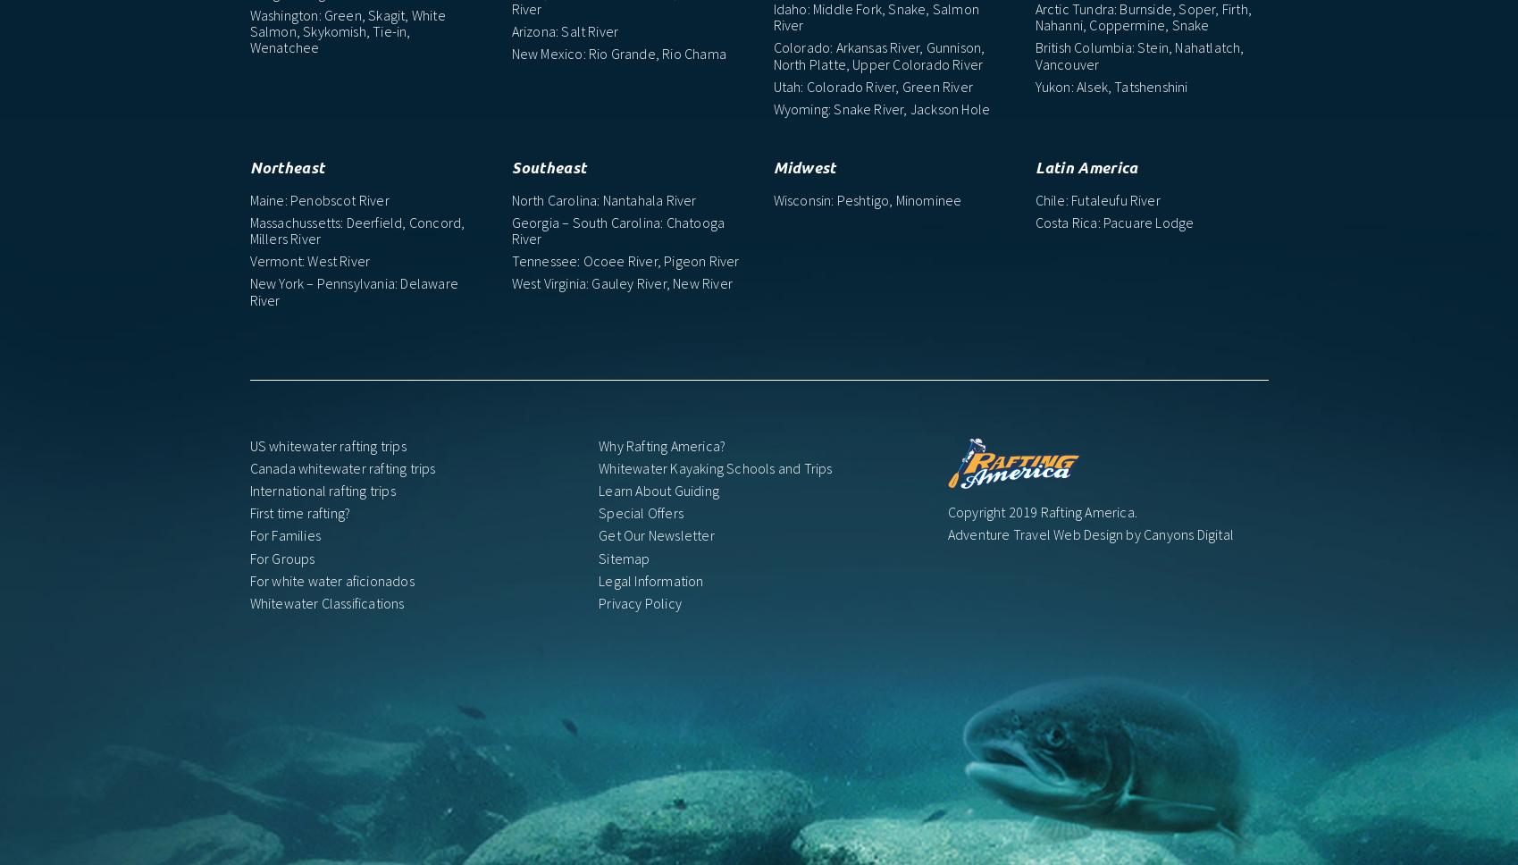 The width and height of the screenshot is (1518, 865). I want to click on 'Washington: Green, Skagit, White Salmon, Skykomish, Tie-in, Wenatchee', so click(347, 30).